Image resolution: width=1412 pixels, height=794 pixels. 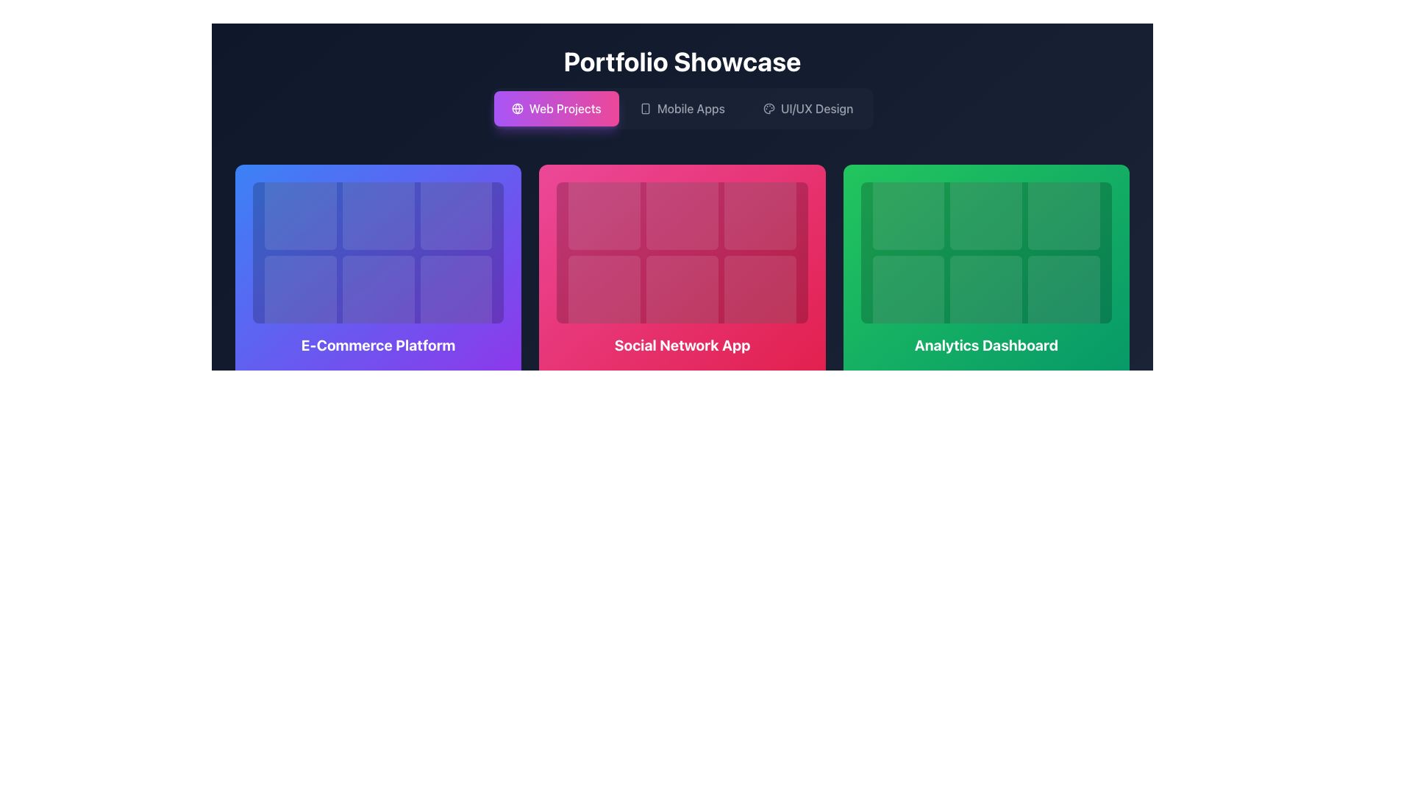 What do you see at coordinates (816, 107) in the screenshot?
I see `the rightmost Text label indicating UI/UX Design category in the vertical navigation bar` at bounding box center [816, 107].